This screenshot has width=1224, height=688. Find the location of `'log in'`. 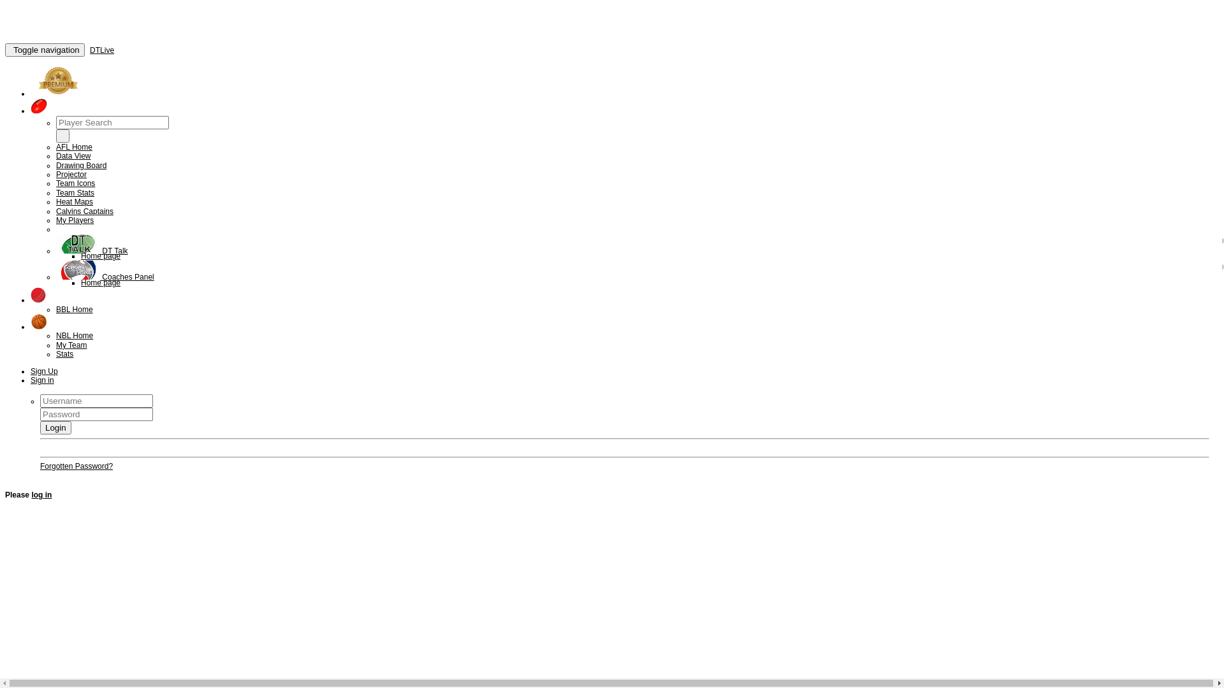

'log in' is located at coordinates (41, 494).